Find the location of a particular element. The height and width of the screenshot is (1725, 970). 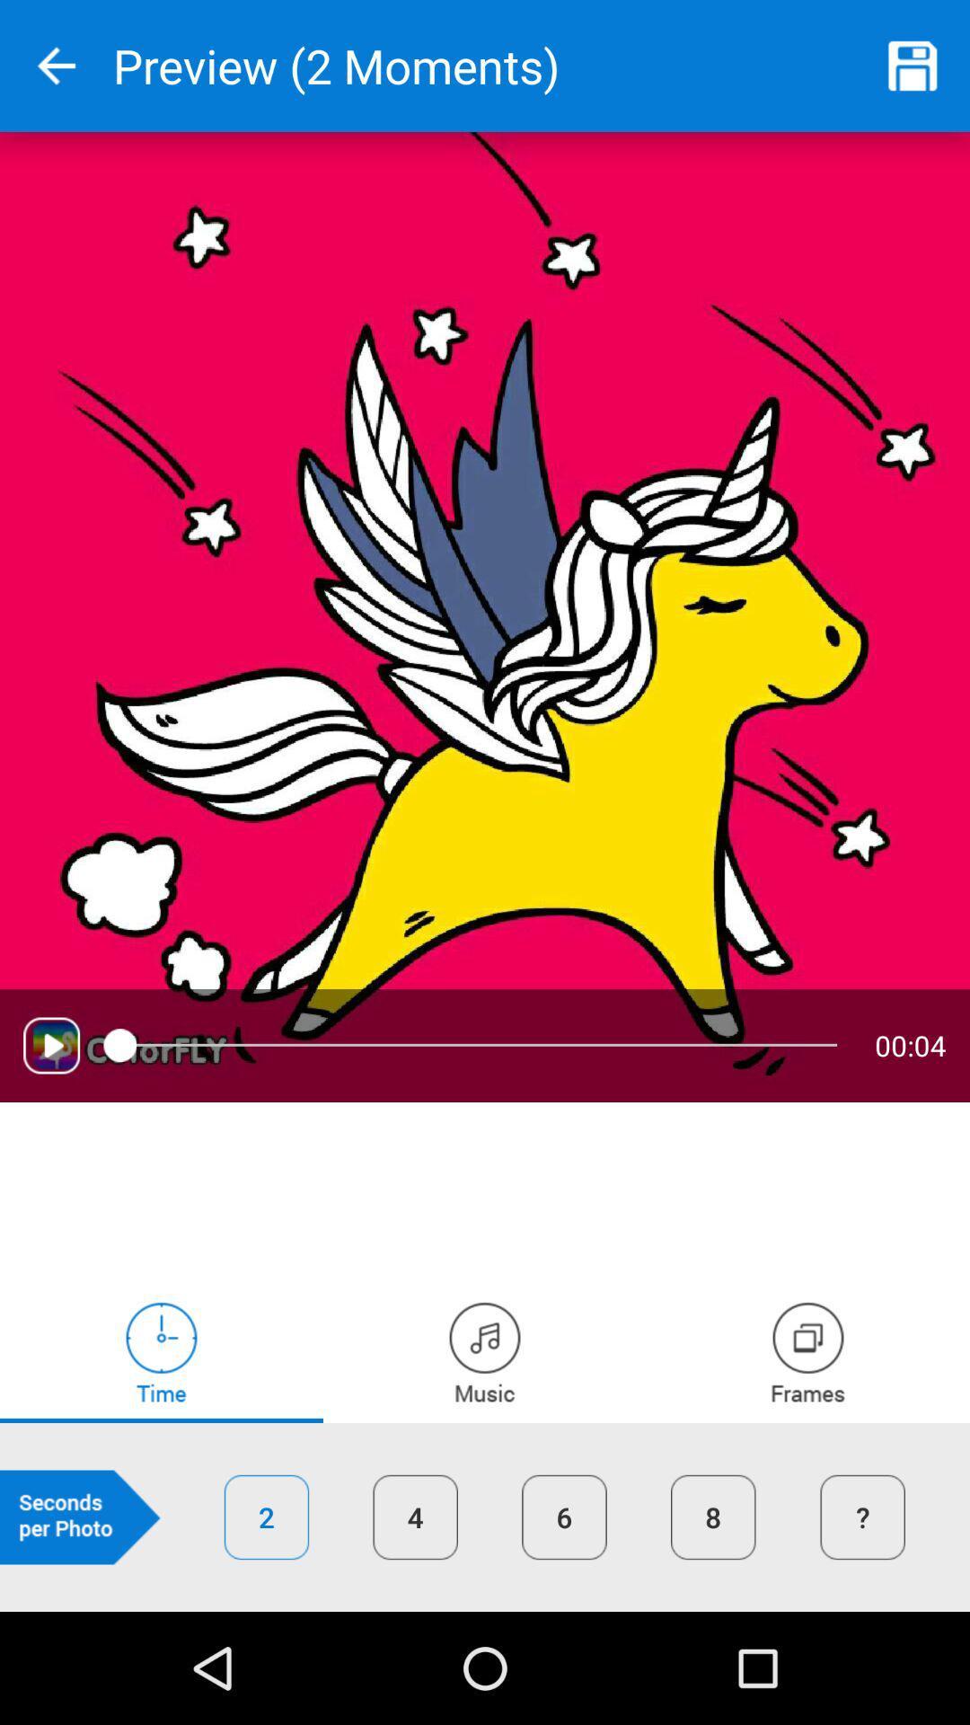

the play icon is located at coordinates (50, 1045).